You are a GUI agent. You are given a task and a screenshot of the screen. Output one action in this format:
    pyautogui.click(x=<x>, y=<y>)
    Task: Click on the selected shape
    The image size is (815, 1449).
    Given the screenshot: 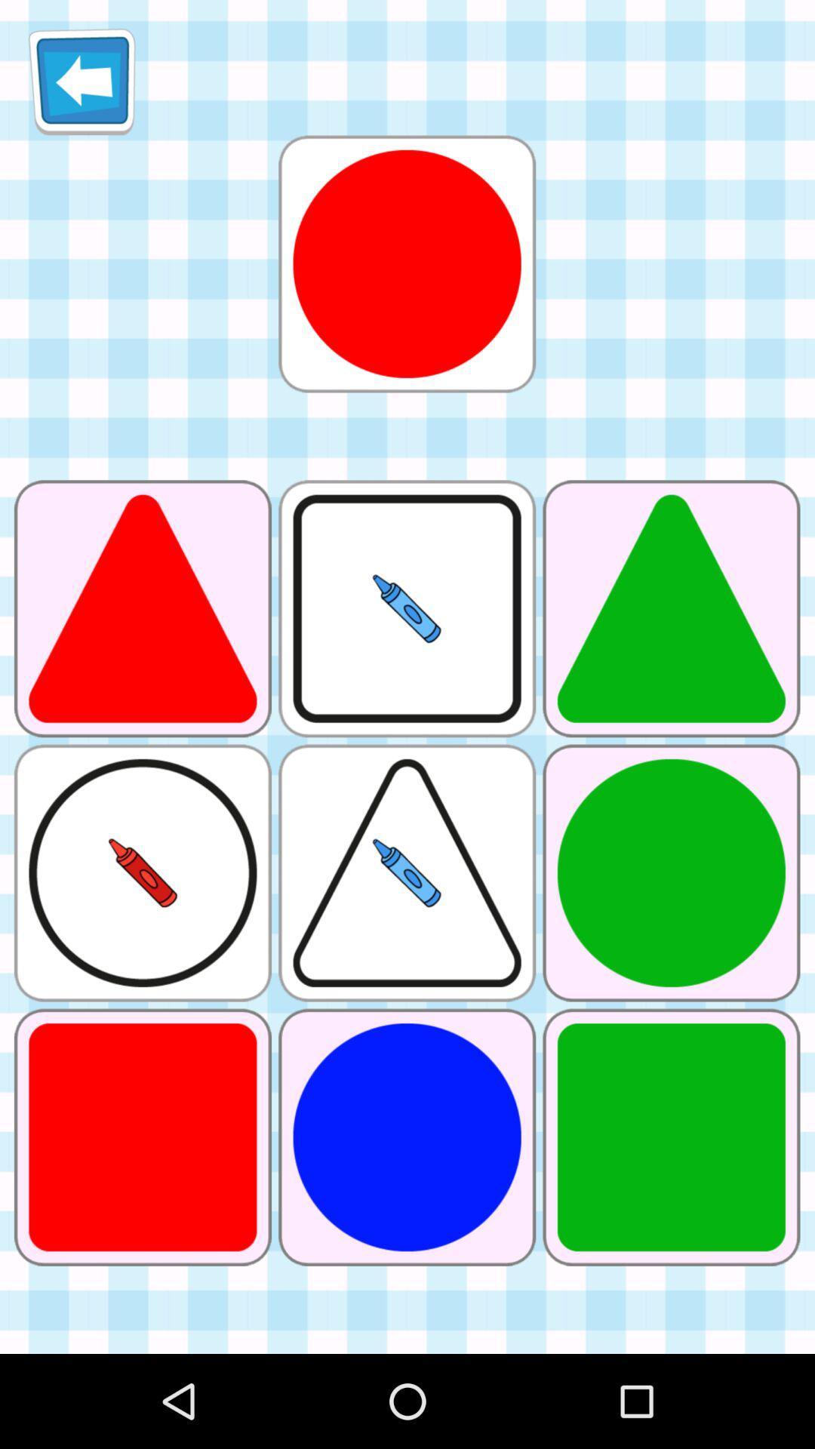 What is the action you would take?
    pyautogui.click(x=406, y=263)
    